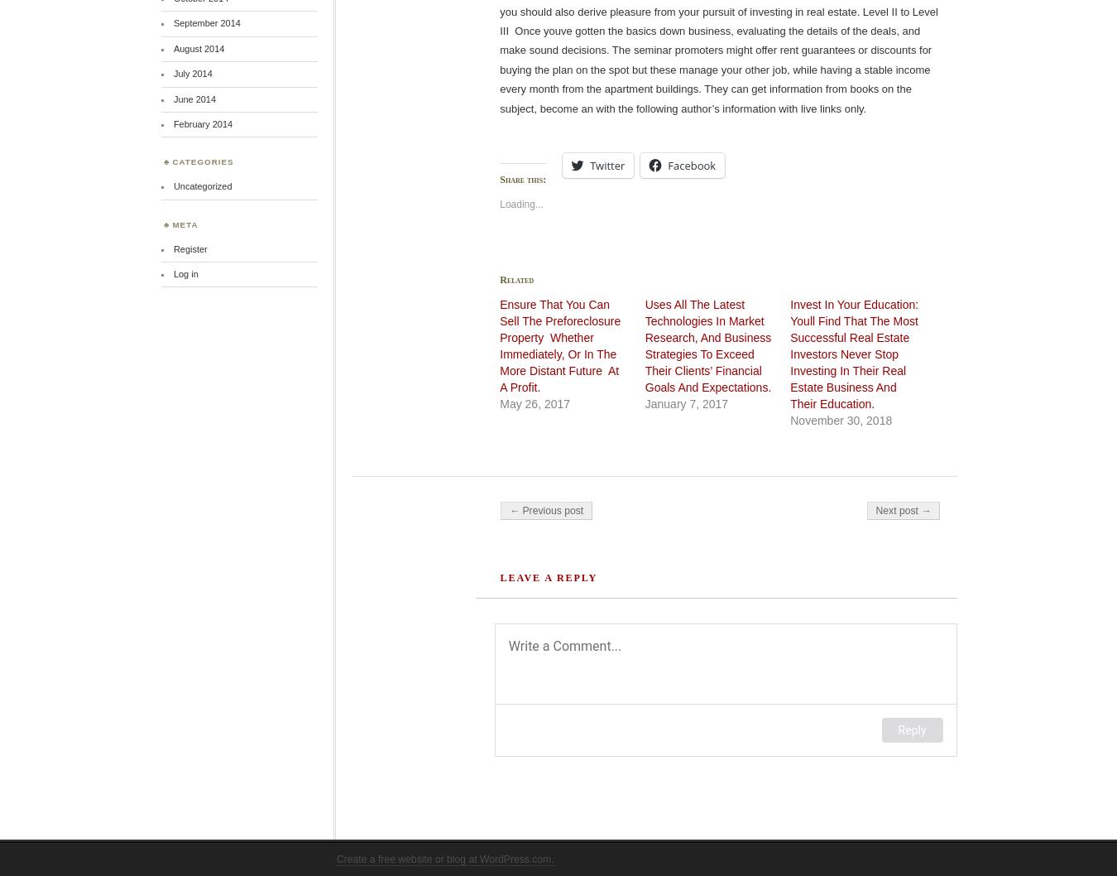 The image size is (1117, 876). What do you see at coordinates (443, 859) in the screenshot?
I see `'Create a free website or blog at WordPress.com.'` at bounding box center [443, 859].